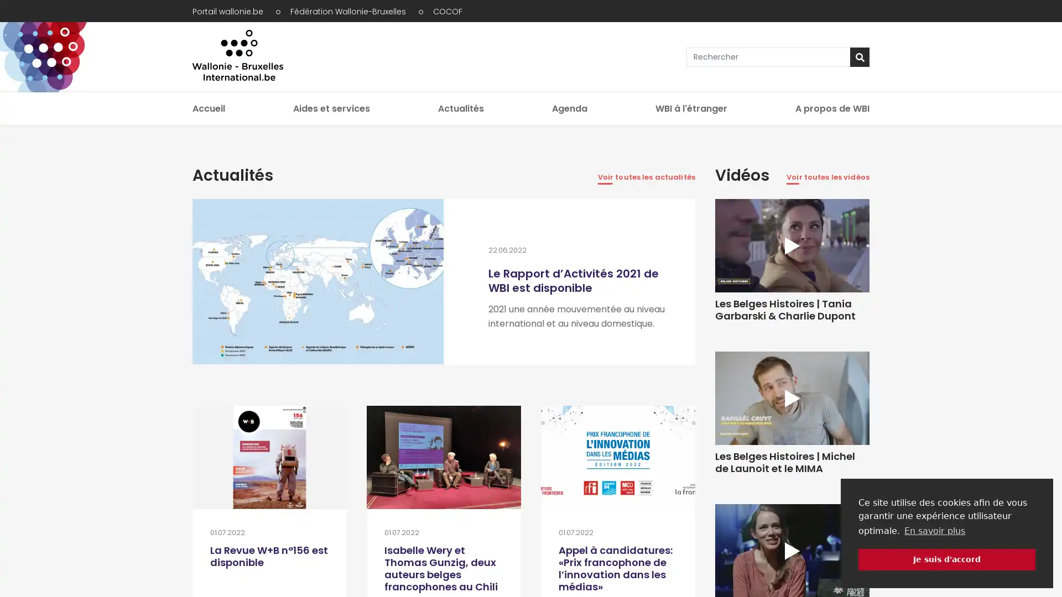  What do you see at coordinates (946, 559) in the screenshot?
I see `dismiss cookie message` at bounding box center [946, 559].